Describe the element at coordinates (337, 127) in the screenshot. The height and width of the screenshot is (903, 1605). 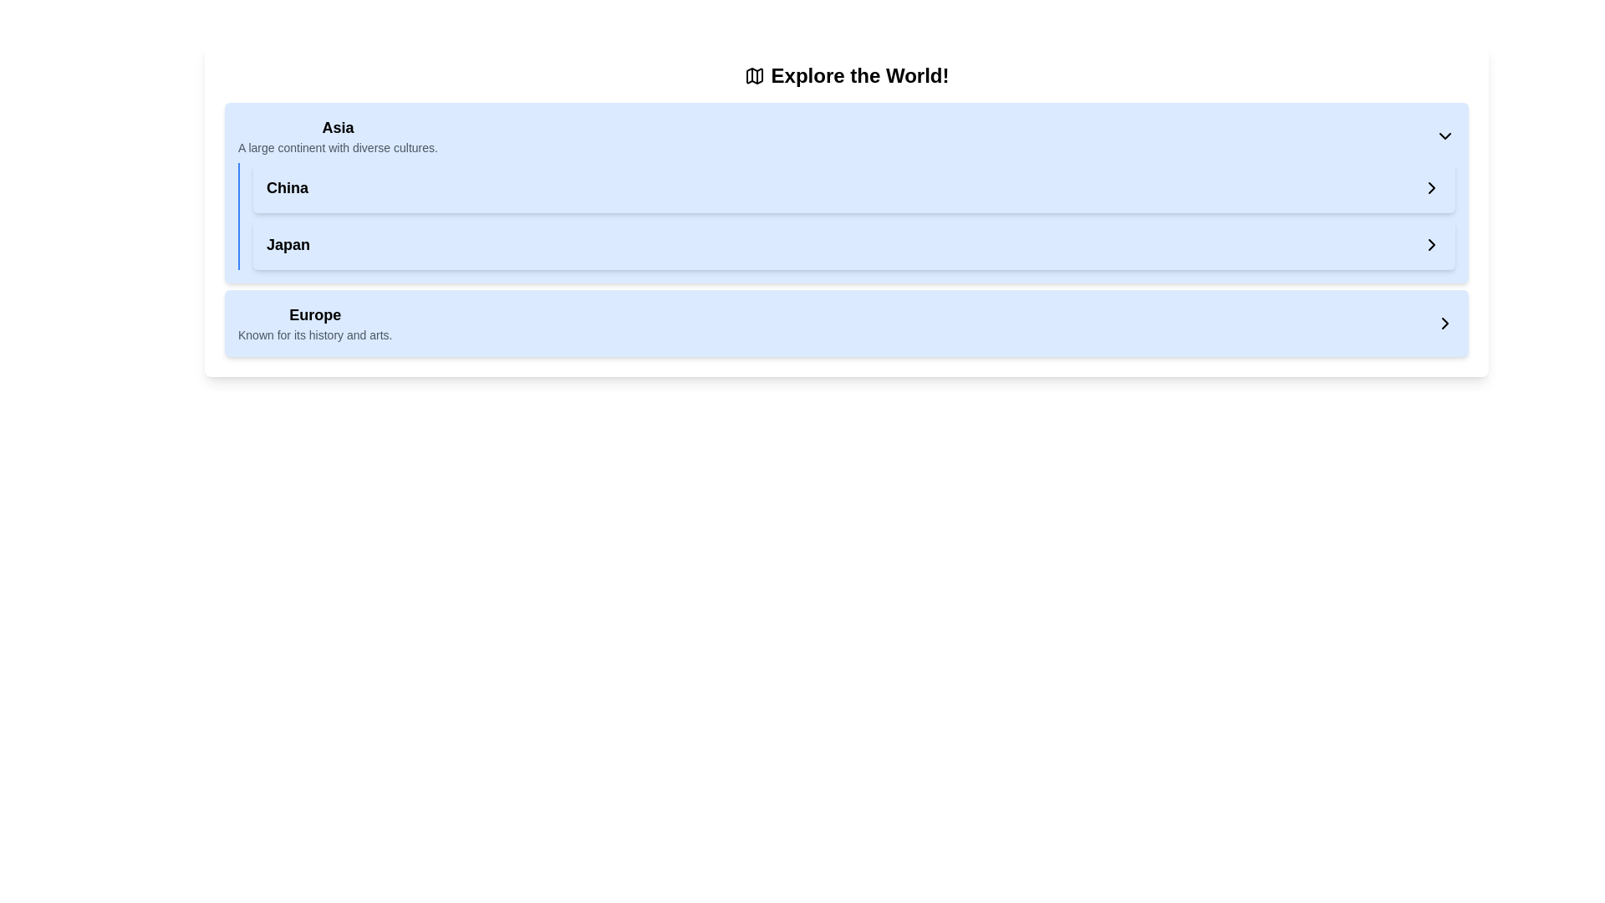
I see `the area surrounding the 'Asia' section title, which serves as a header for the section and is positioned above descriptive text` at that location.